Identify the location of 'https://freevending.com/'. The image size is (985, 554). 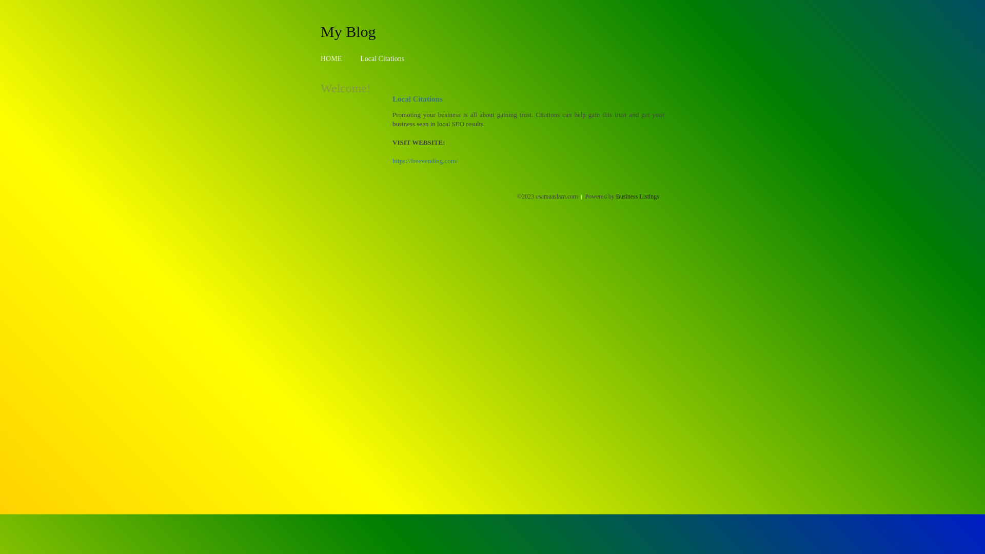
(425, 161).